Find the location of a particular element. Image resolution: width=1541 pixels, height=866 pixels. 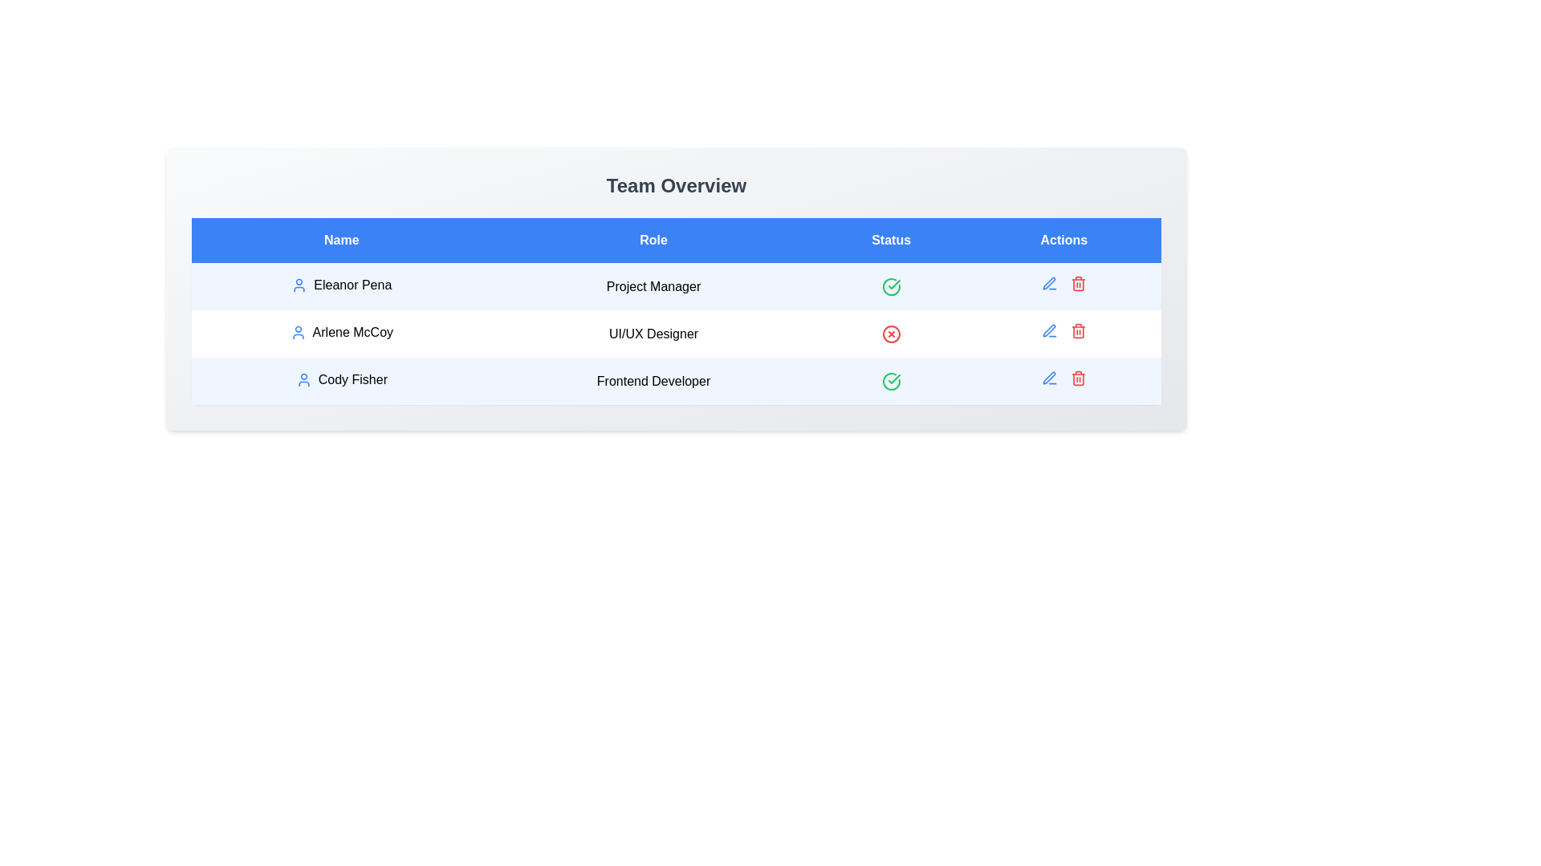

the green circular icon with a check mark in the 'Status' column of the third row is located at coordinates (890, 381).